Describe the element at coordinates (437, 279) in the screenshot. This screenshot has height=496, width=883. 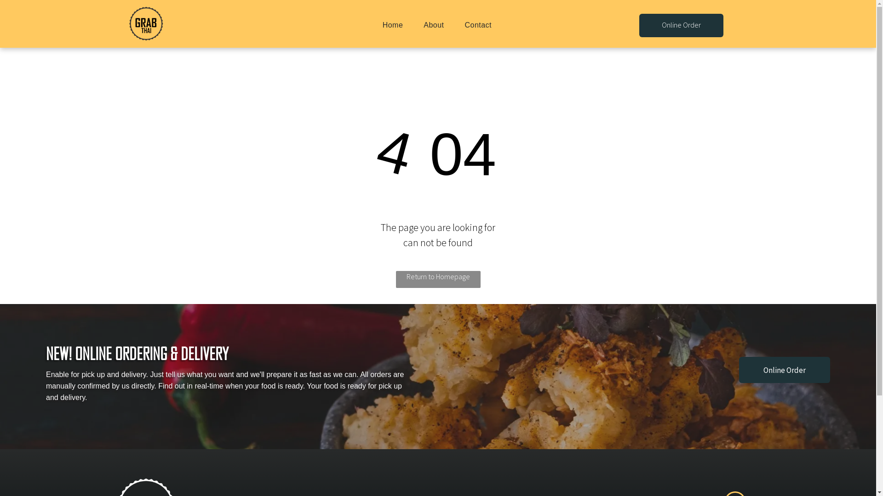
I see `'Return to Homepage'` at that location.